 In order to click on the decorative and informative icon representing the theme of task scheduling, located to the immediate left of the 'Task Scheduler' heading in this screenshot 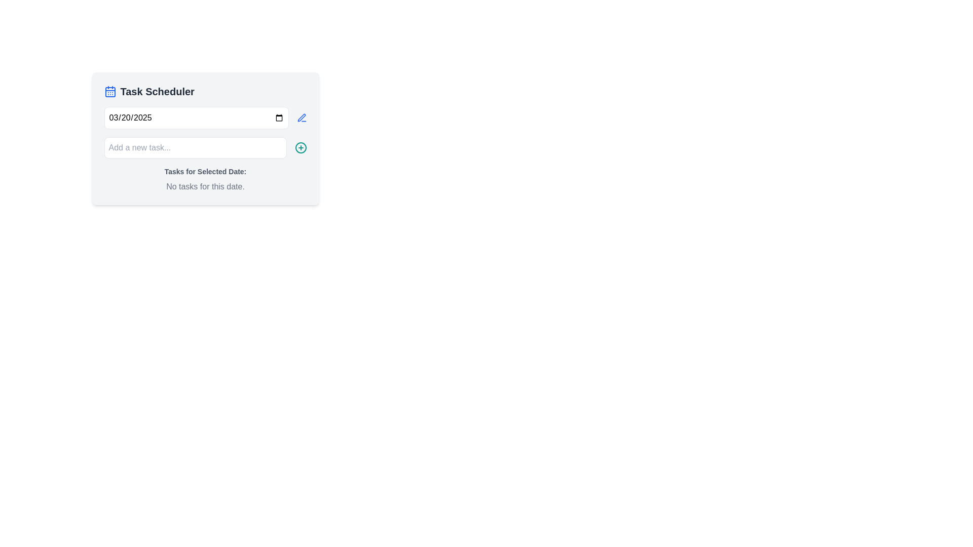, I will do `click(110, 92)`.